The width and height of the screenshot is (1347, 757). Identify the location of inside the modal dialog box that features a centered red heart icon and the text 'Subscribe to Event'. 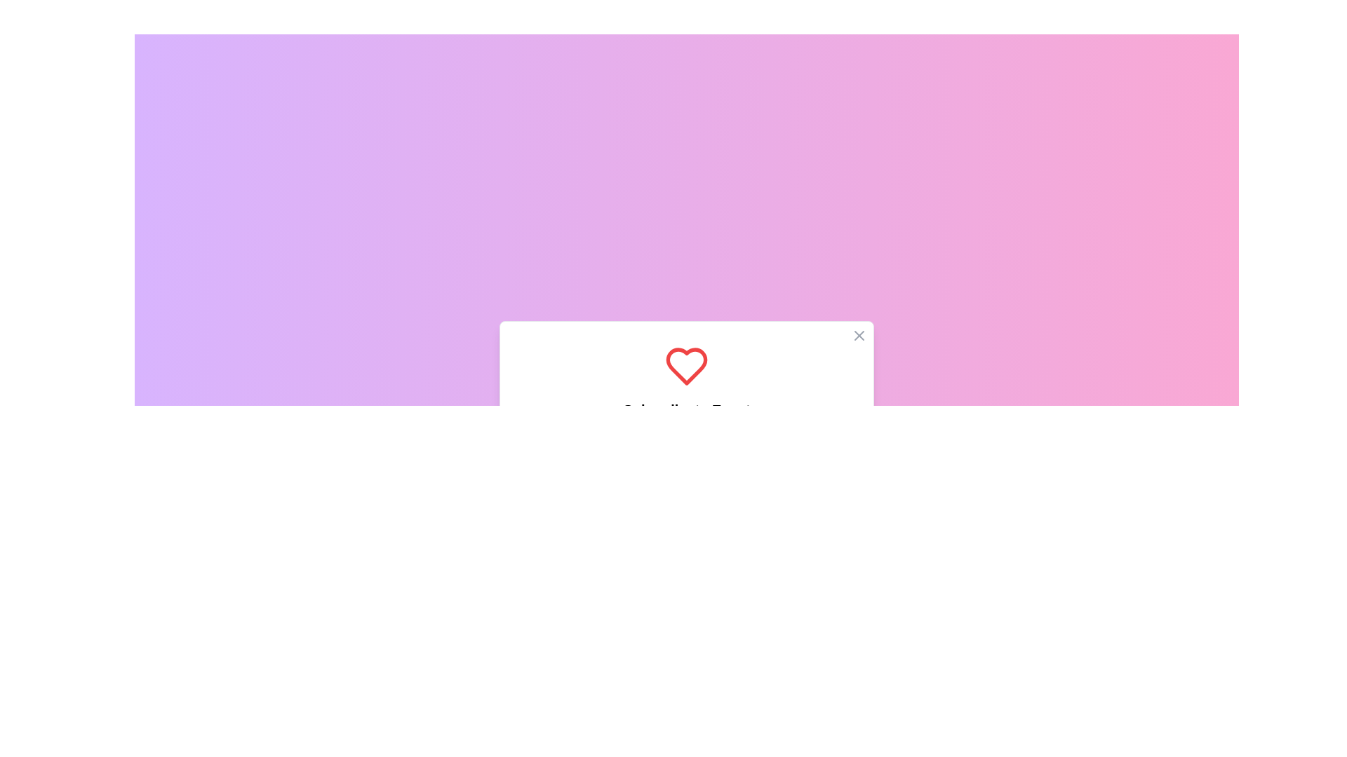
(687, 412).